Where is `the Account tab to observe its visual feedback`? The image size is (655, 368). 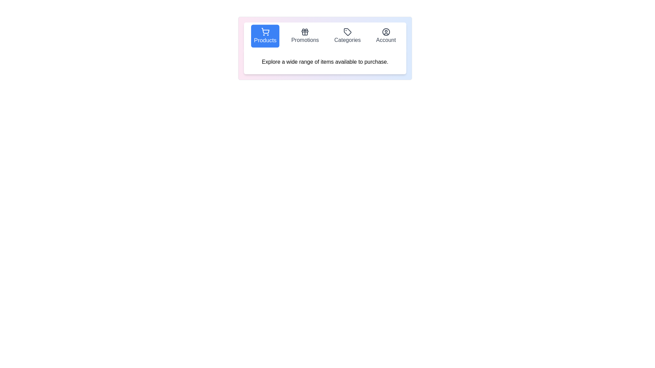
the Account tab to observe its visual feedback is located at coordinates (386, 36).